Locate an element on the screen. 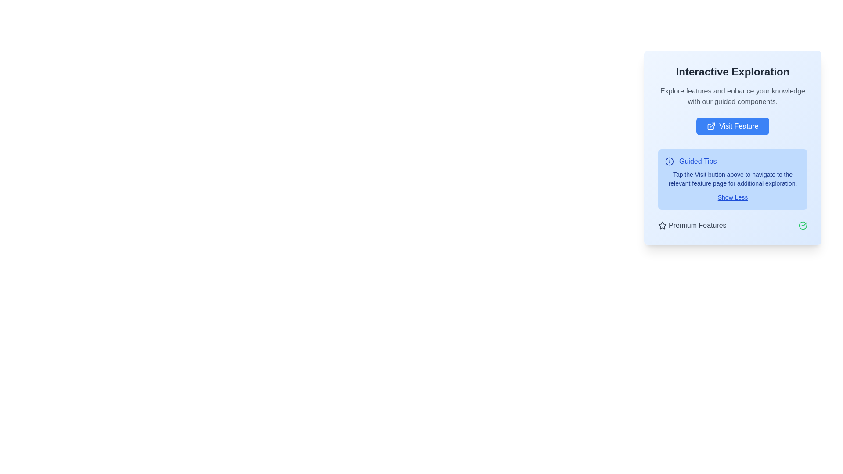 The width and height of the screenshot is (843, 474). the static text label 'Guided Tips', which is blue-colored and located next to an information icon within a light blue background section is located at coordinates (697, 161).